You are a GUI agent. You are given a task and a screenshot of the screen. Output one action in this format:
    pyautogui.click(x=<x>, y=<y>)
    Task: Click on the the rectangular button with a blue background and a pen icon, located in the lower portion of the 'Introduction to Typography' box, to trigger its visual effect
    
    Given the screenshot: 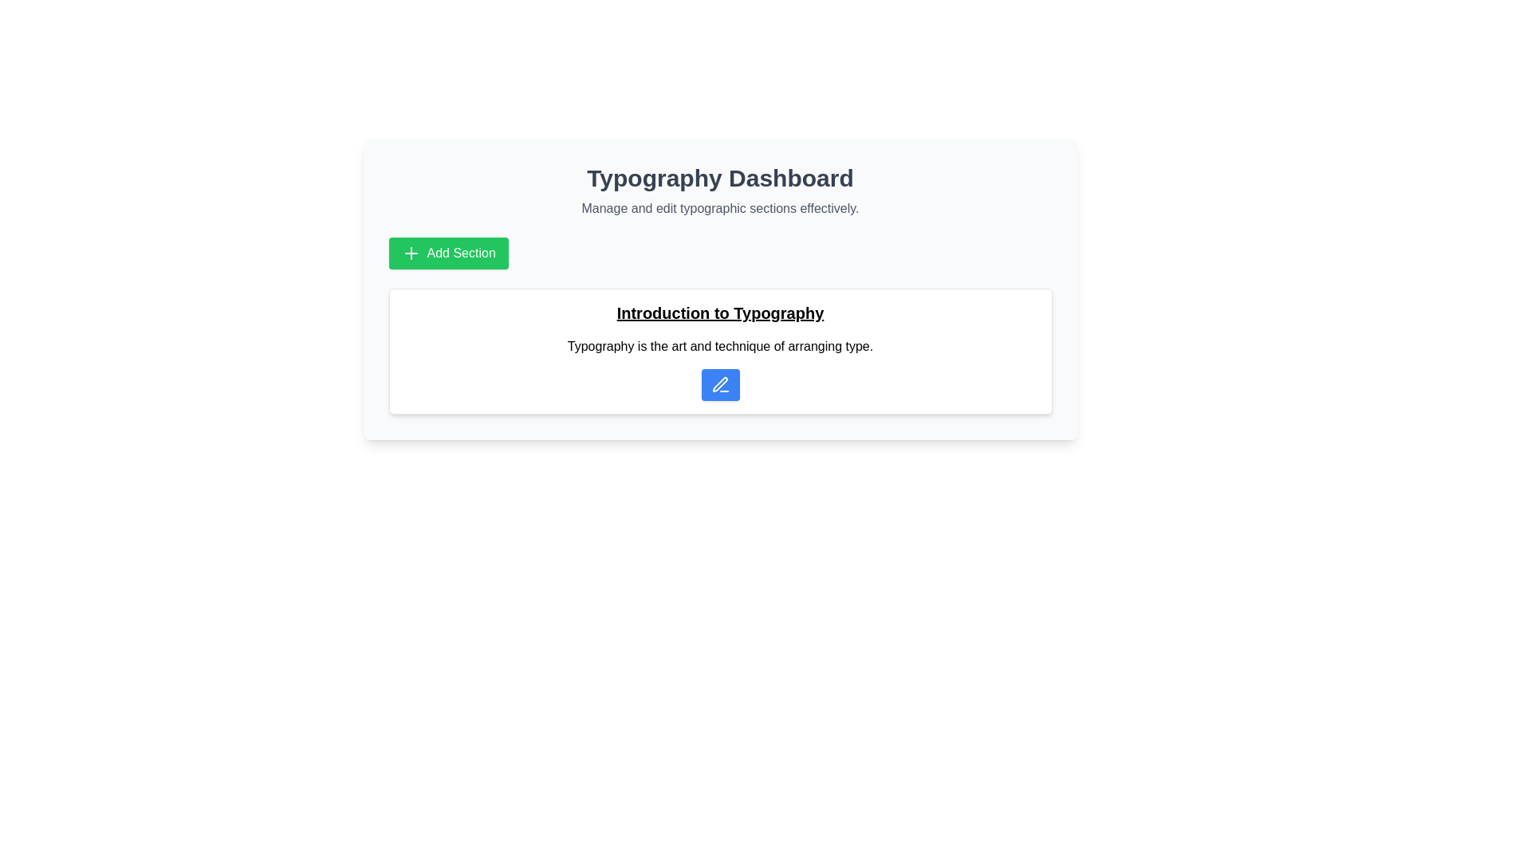 What is the action you would take?
    pyautogui.click(x=719, y=384)
    